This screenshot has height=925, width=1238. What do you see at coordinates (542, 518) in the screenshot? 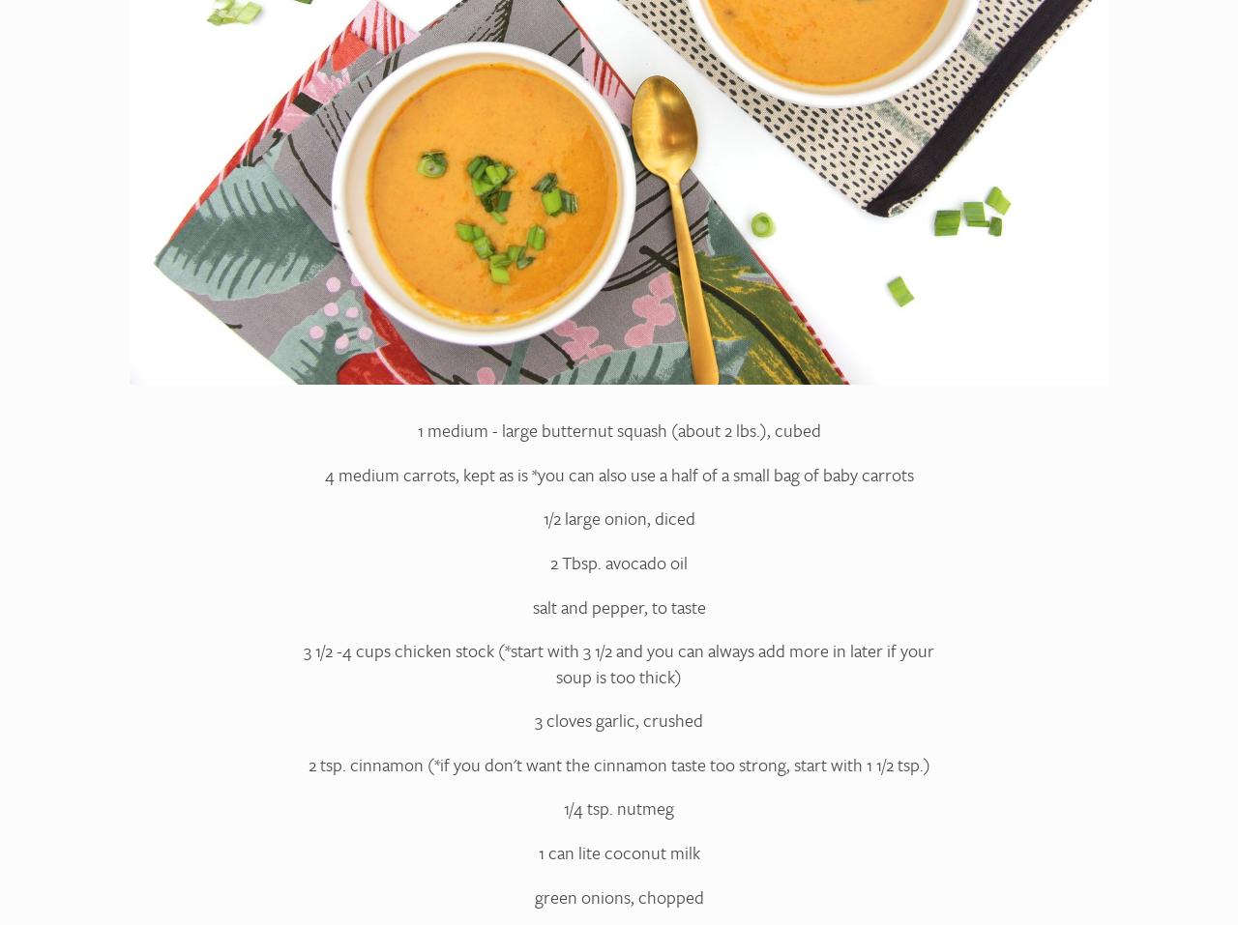
I see `'1/2 large onion, diced'` at bounding box center [542, 518].